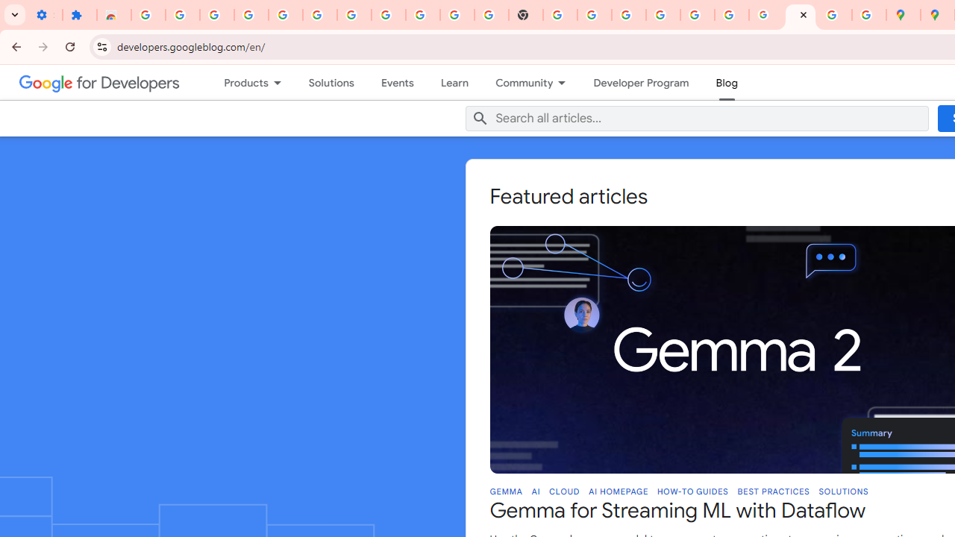 Image resolution: width=955 pixels, height=537 pixels. What do you see at coordinates (518, 82) in the screenshot?
I see `'Community'` at bounding box center [518, 82].